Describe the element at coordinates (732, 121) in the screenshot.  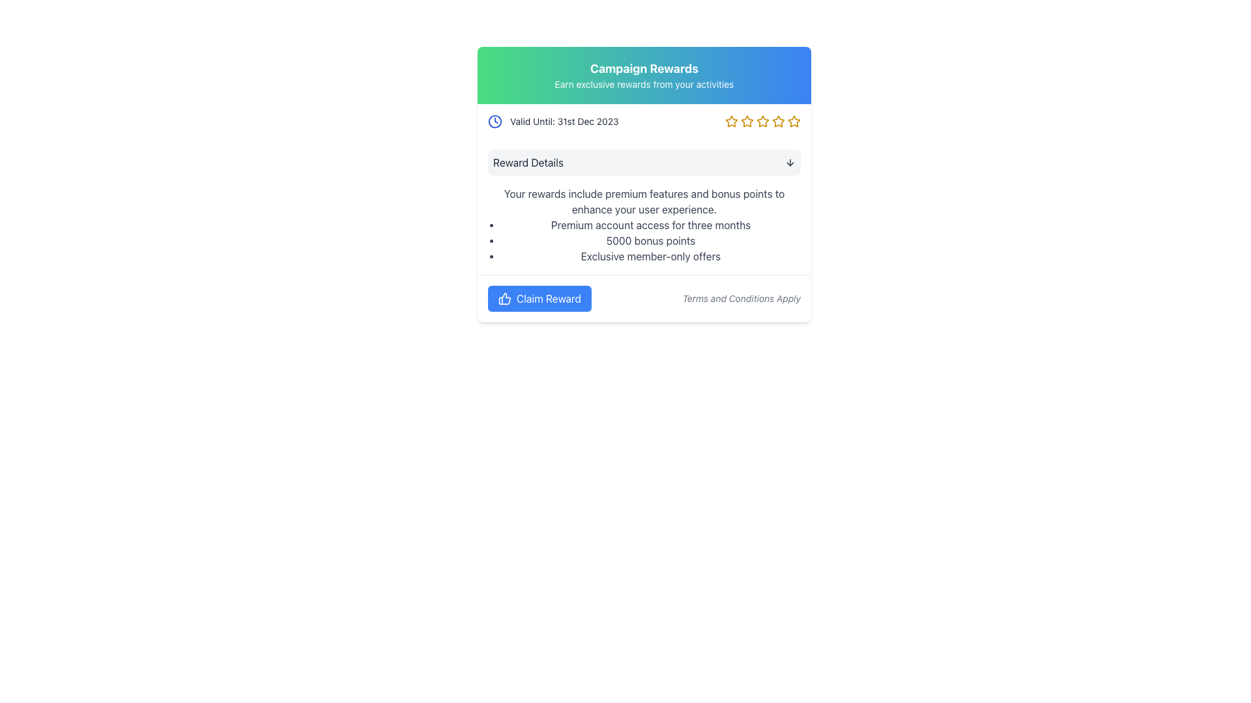
I see `the first star icon in the rating widget, which is a styled golden star with a hollow center located in the top-right section of the card interface below the campaign rewards title` at that location.